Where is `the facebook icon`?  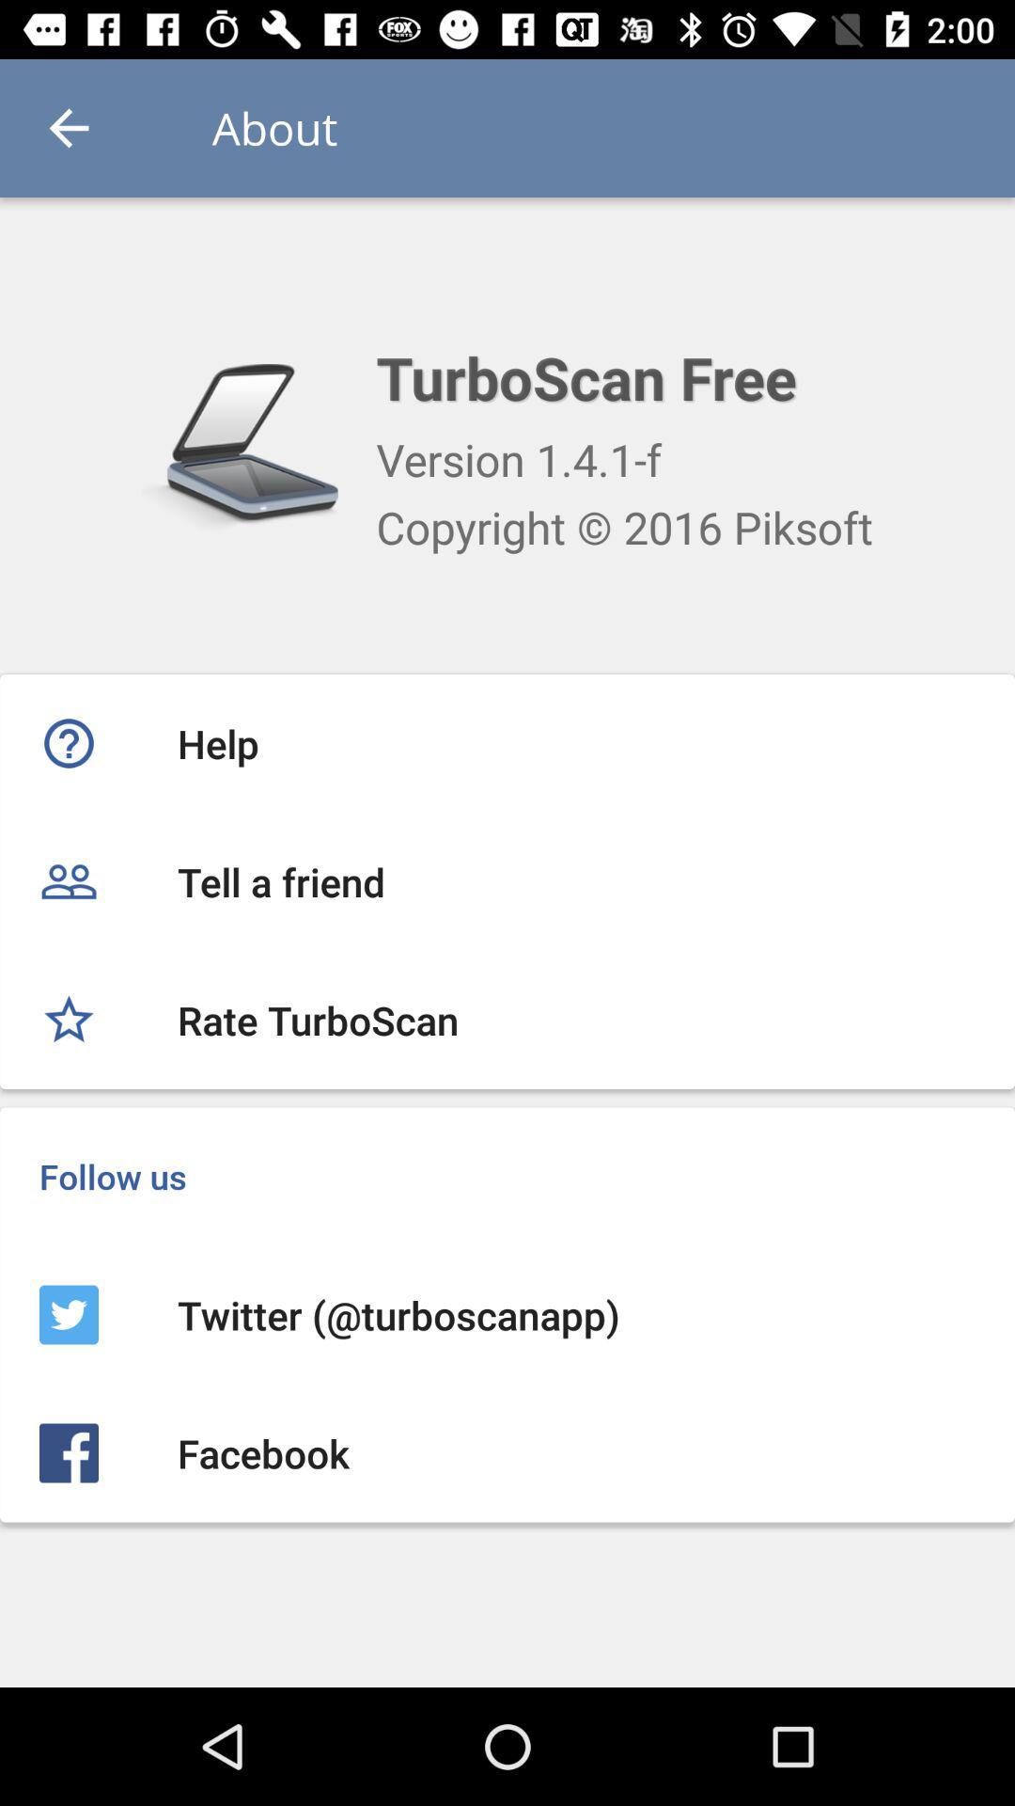 the facebook icon is located at coordinates (507, 1452).